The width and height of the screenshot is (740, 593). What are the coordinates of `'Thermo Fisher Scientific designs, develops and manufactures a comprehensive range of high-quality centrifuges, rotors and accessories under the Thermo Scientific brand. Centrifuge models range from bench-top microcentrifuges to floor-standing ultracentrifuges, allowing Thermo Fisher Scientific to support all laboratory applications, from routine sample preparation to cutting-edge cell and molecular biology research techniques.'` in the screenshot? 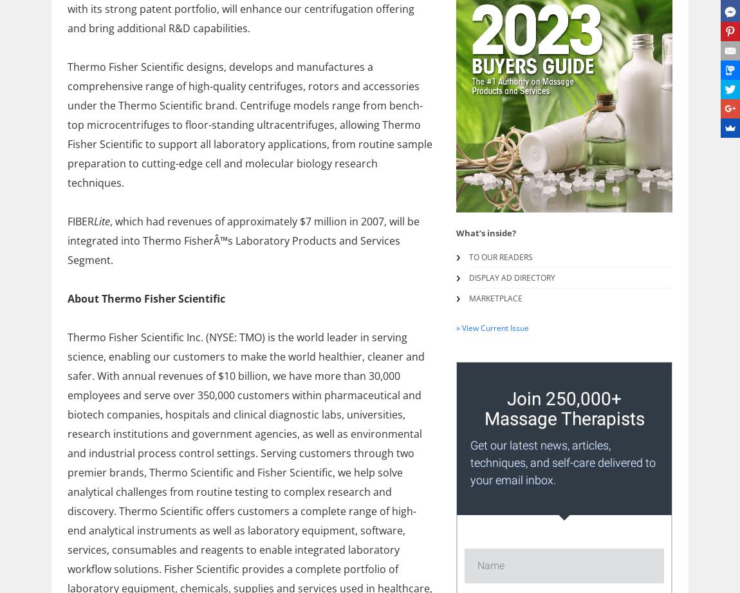 It's located at (250, 124).